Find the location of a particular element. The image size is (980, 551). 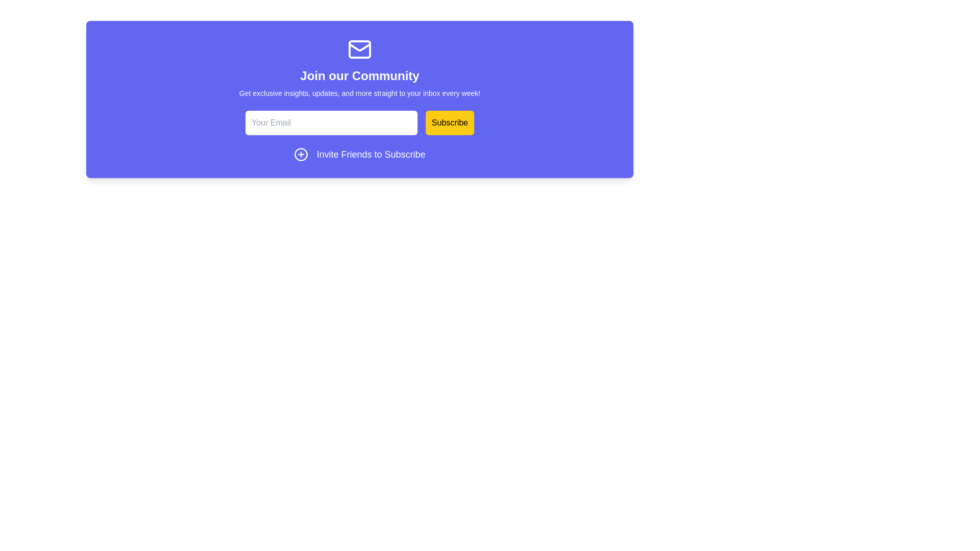

the descriptive text encouraging users to subscribe to the mailing list, located below 'Join our Community' and above the email input field is located at coordinates (360, 93).